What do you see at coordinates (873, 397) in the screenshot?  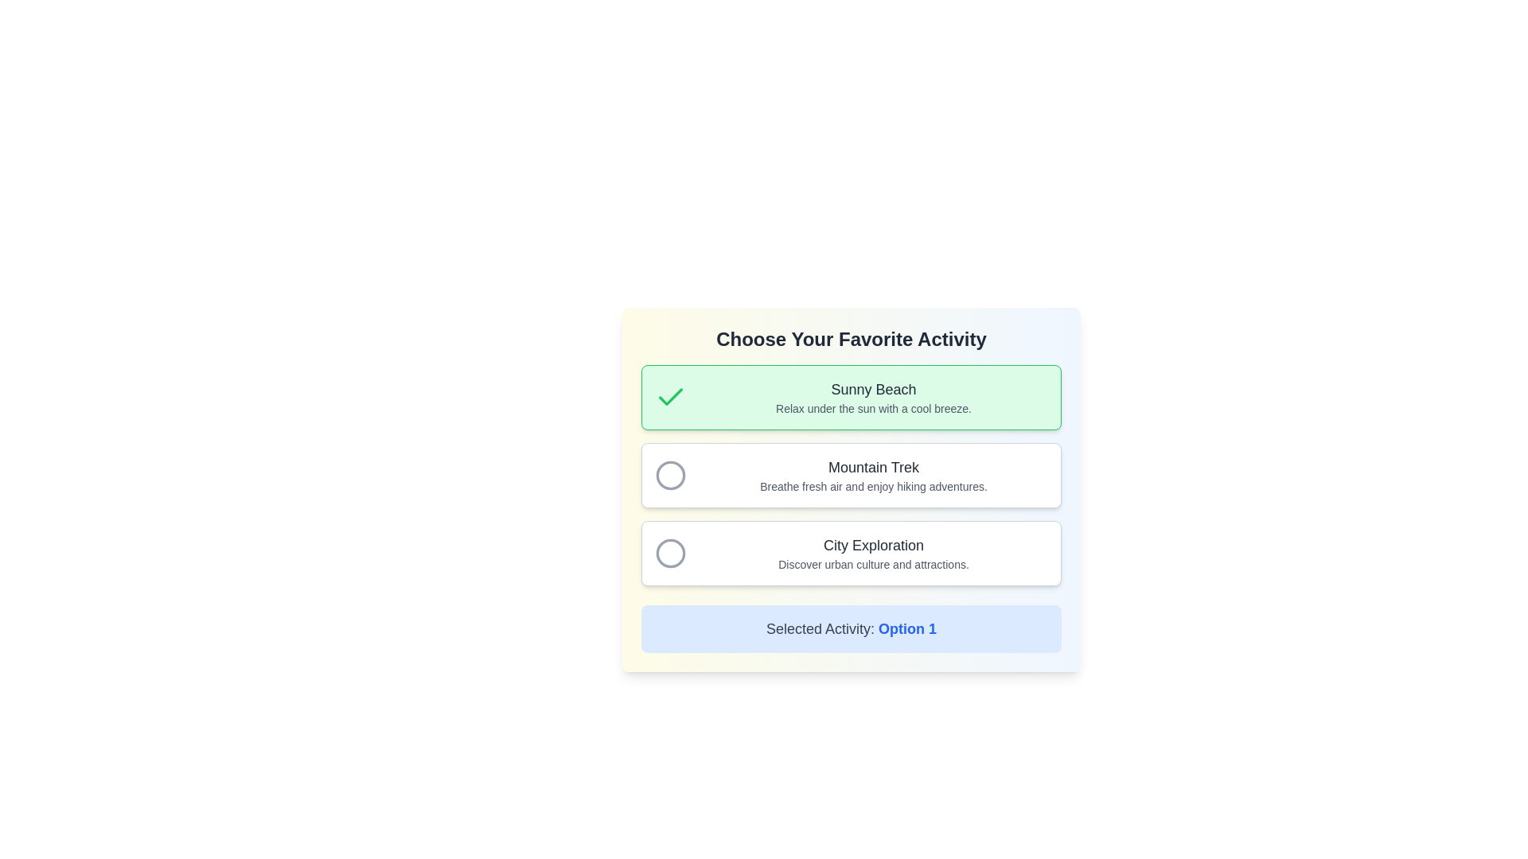 I see `the display text for 'Sunny Beach' in the first selectable activity option under the 'Choose Your Favorite Activity' section` at bounding box center [873, 397].